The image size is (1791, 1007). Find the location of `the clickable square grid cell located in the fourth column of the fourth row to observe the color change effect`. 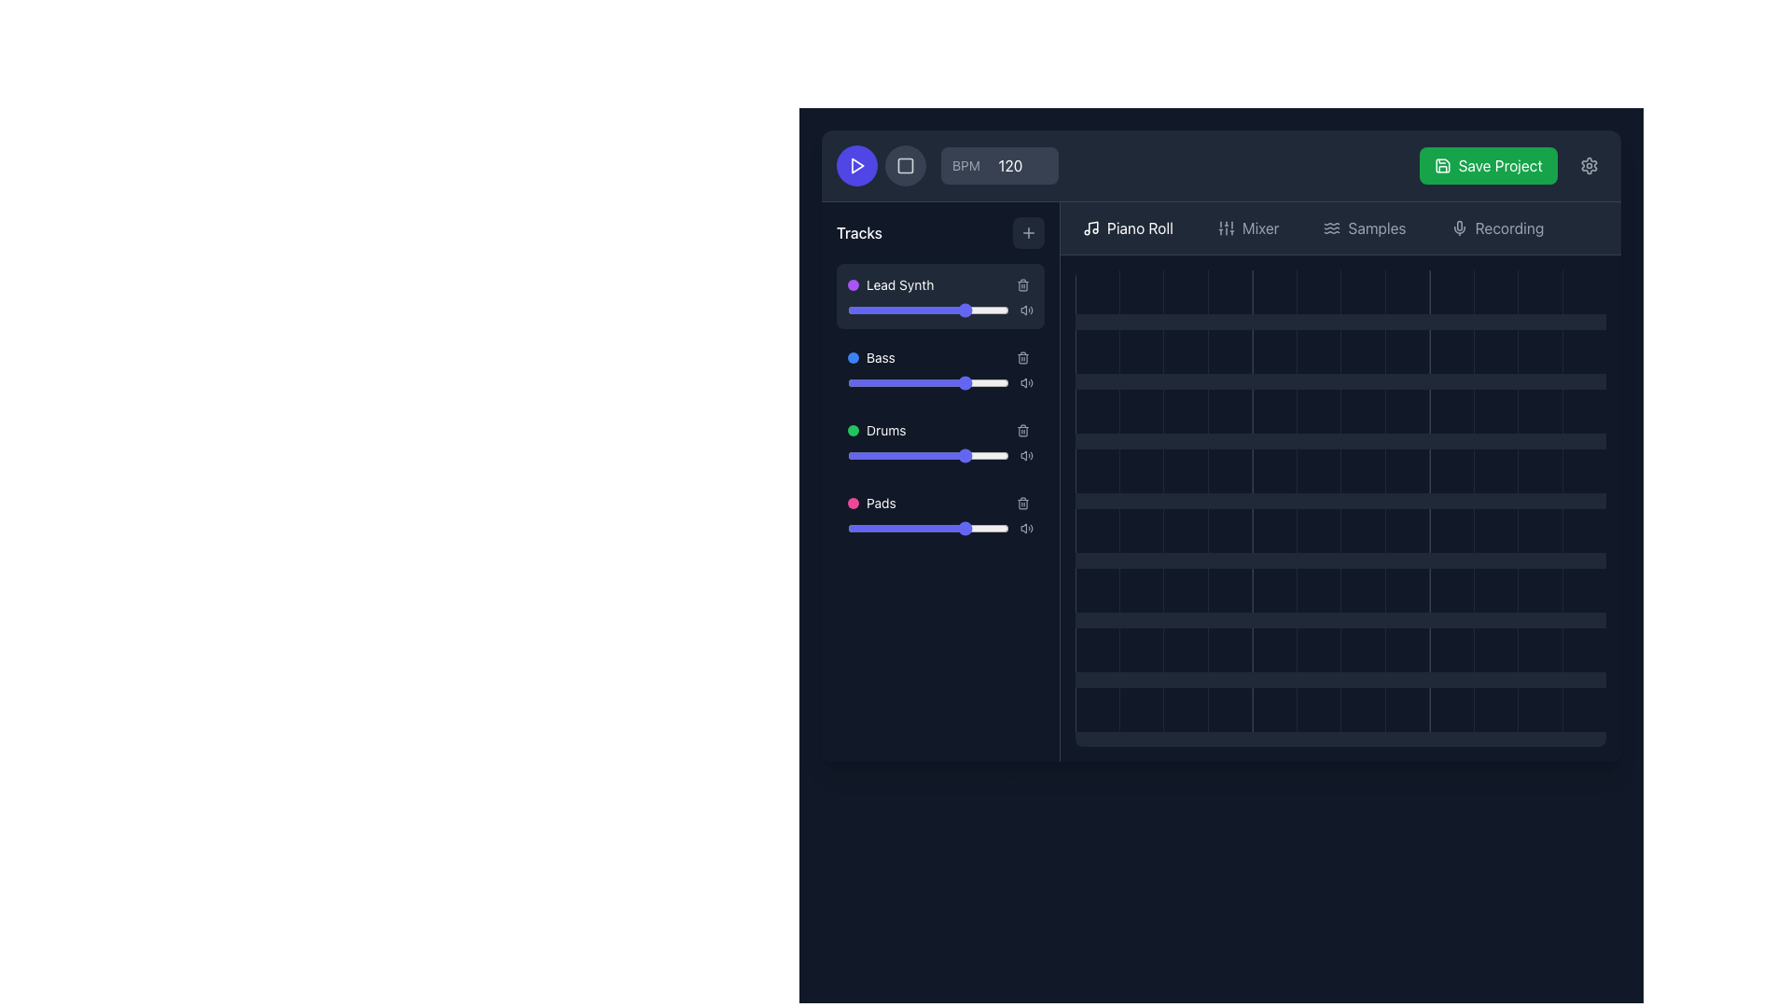

the clickable square grid cell located in the fourth column of the fourth row to observe the color change effect is located at coordinates (1229, 470).